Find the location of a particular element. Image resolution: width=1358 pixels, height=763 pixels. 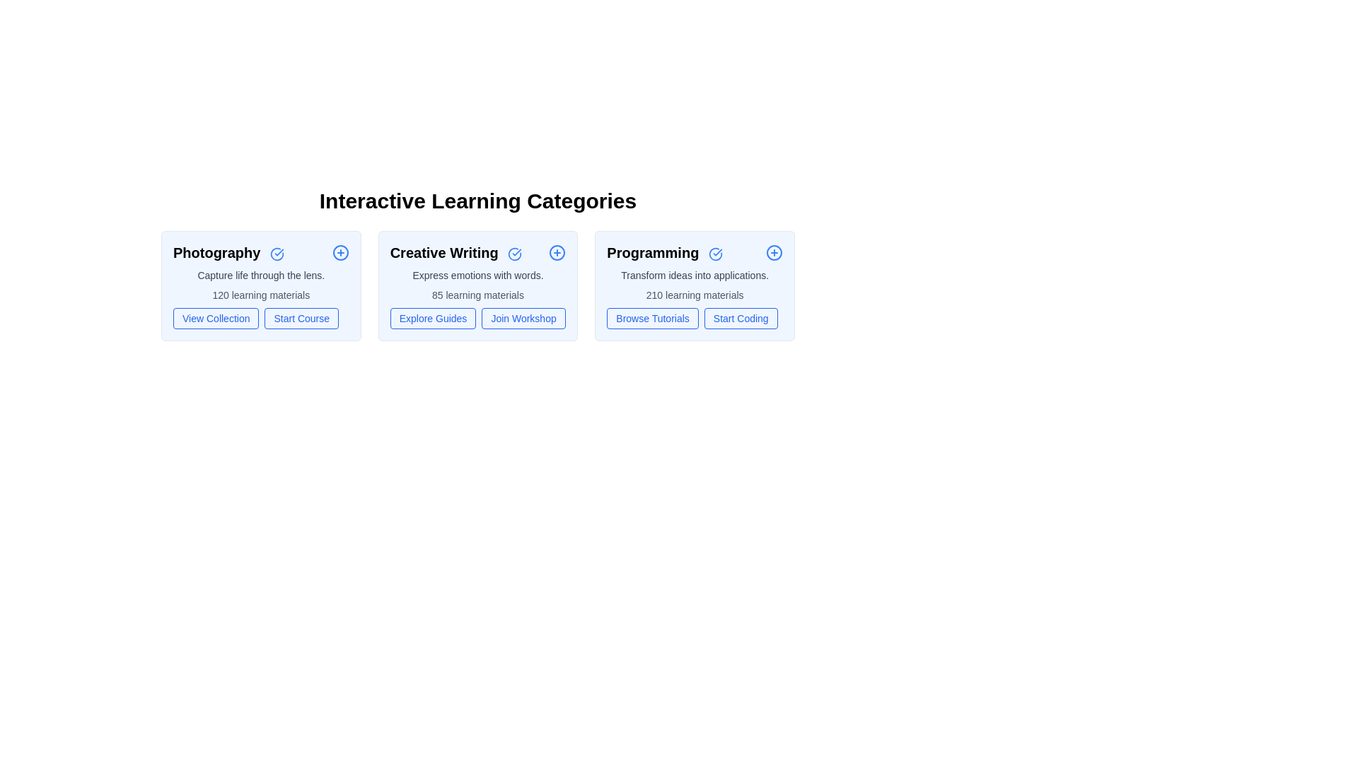

the category card for Photography is located at coordinates (261, 286).